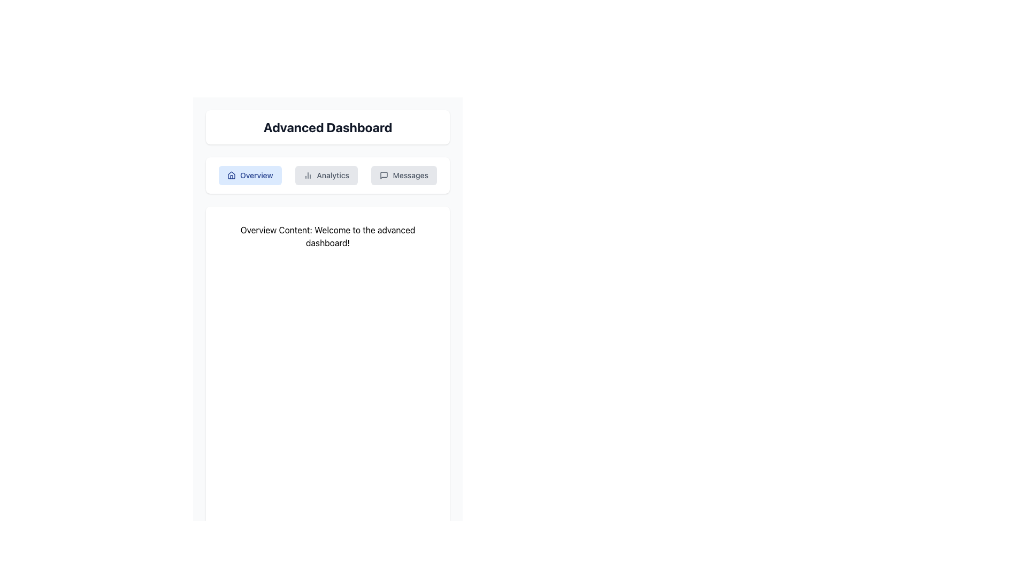 This screenshot has height=578, width=1027. I want to click on the stylized house icon located in the top-left region of the interface, so click(231, 174).